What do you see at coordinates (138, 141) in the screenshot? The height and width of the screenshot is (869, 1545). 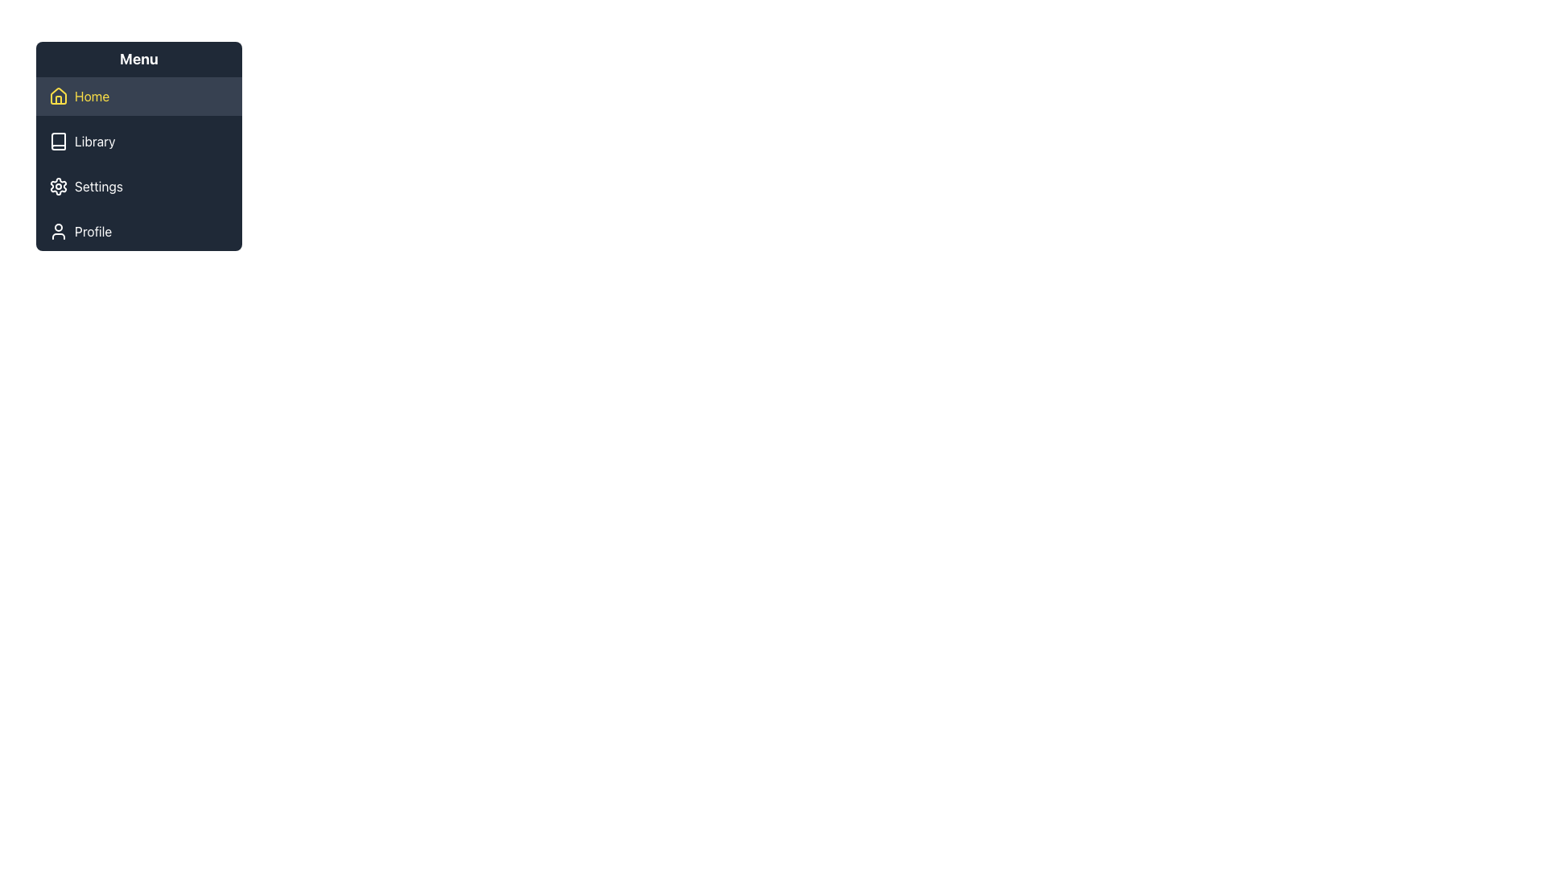 I see `the second menu item in the left sidebar, which is located below the 'Home' element and above the 'Settings' element` at bounding box center [138, 141].